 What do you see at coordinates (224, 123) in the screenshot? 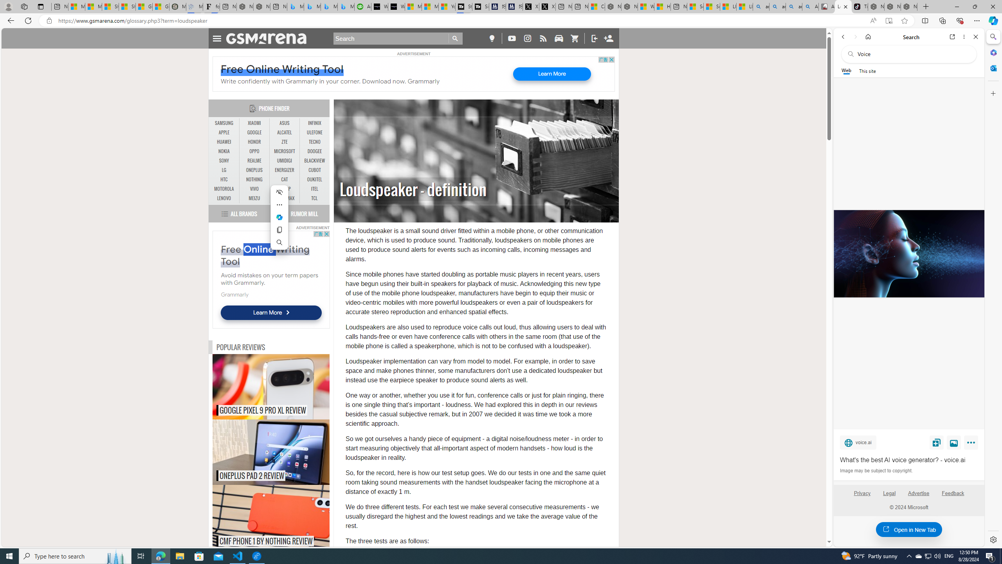
I see `'SAMSUNG'` at bounding box center [224, 123].